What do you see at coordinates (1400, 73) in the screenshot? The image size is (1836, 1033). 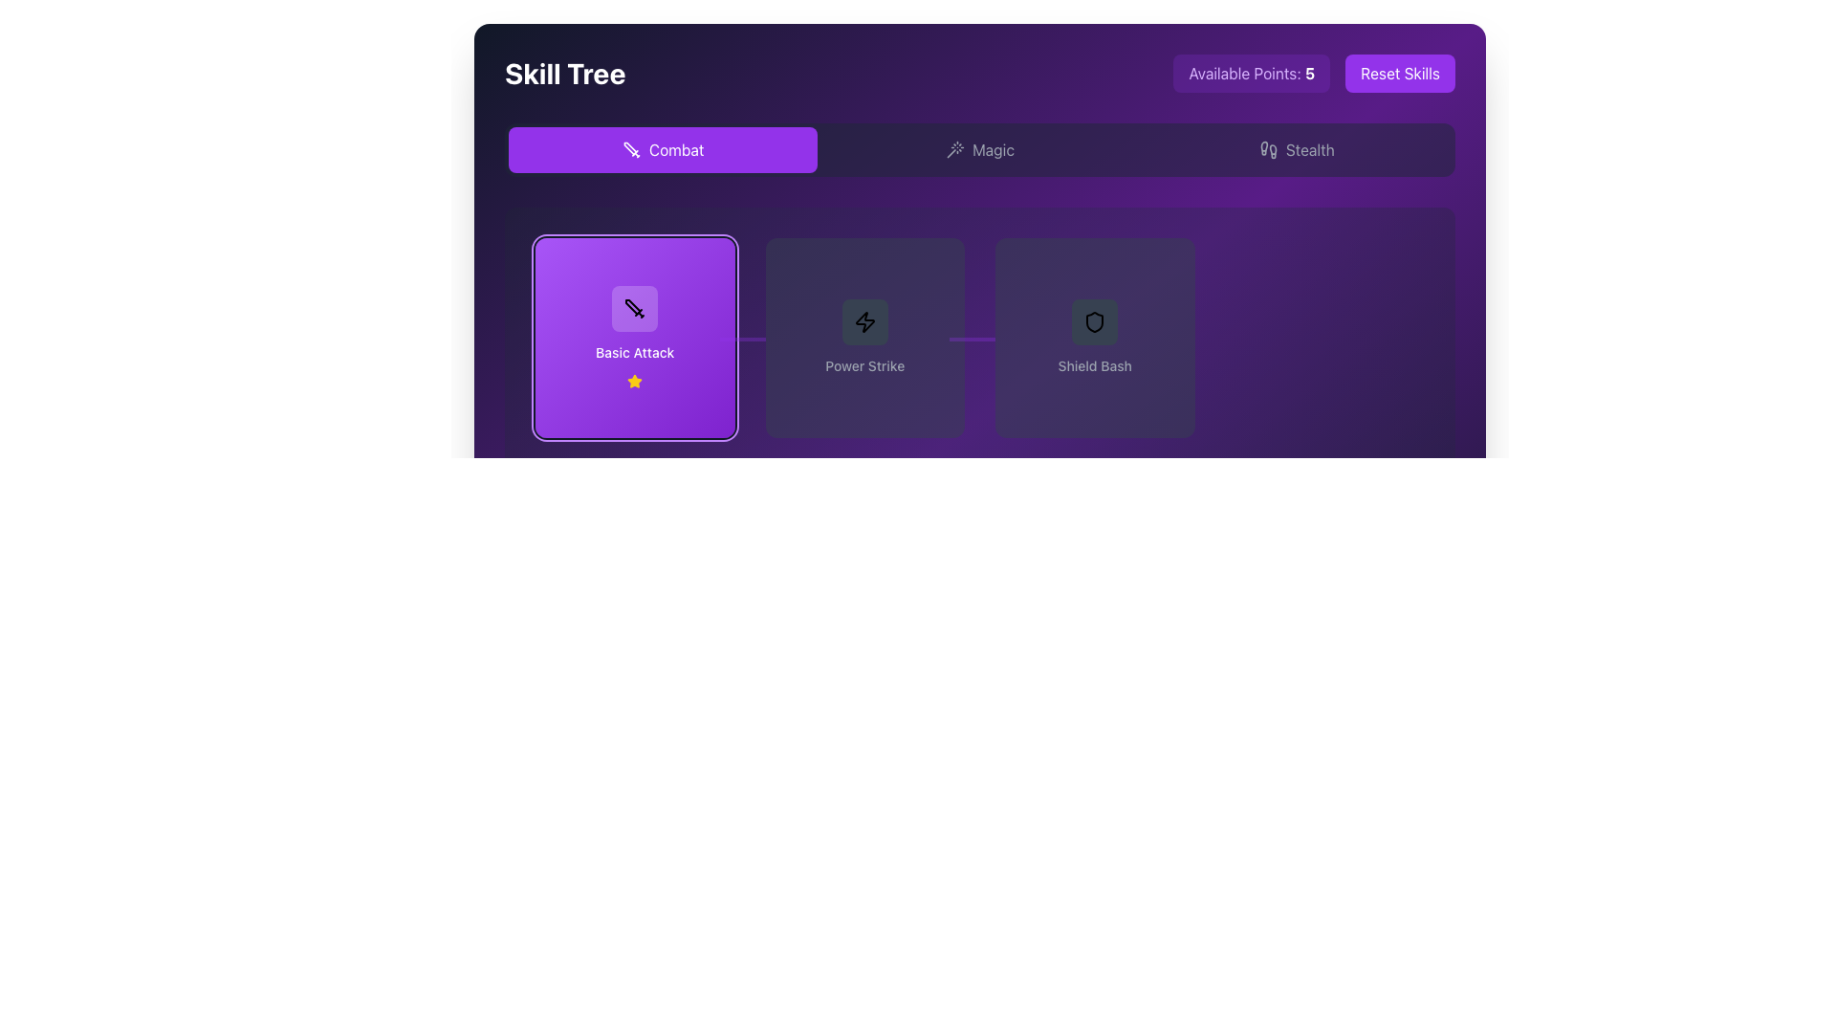 I see `the reset button located in the top-right corner of the interface, which is adjacent to the 'Available Points: 5' label, to observe the hover effect` at bounding box center [1400, 73].